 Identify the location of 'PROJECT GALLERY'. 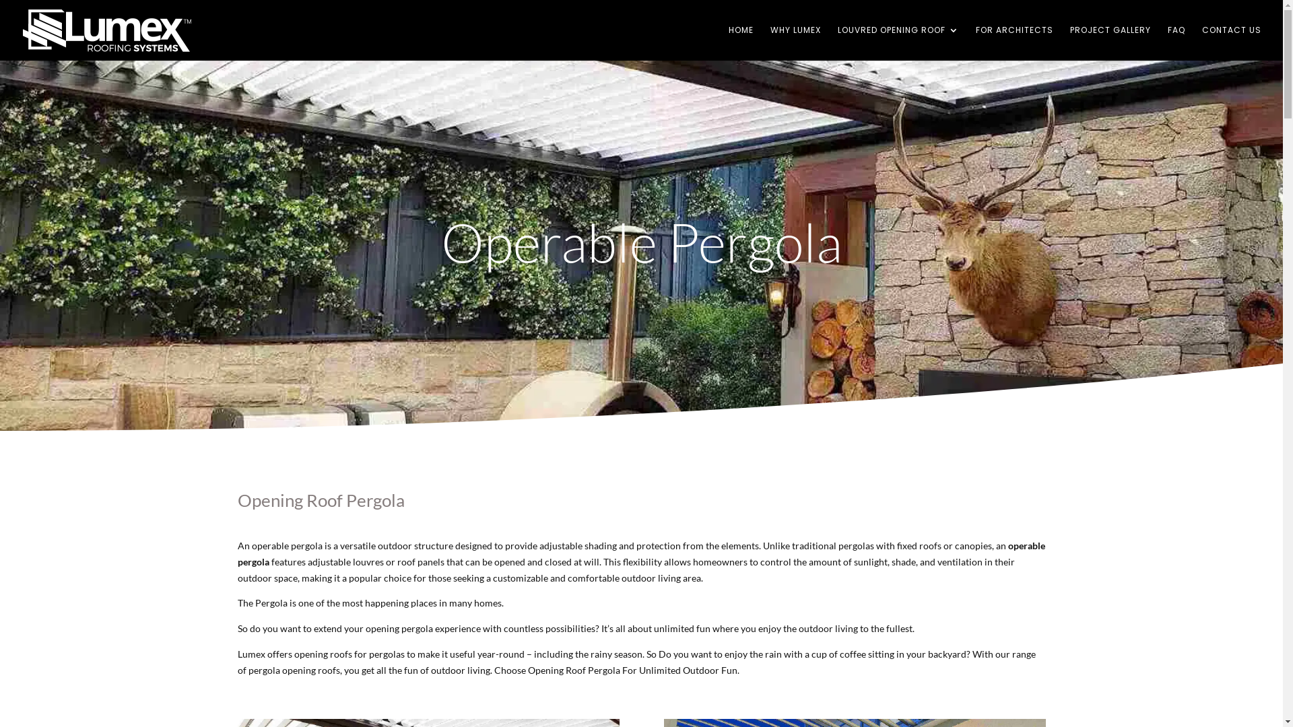
(1069, 42).